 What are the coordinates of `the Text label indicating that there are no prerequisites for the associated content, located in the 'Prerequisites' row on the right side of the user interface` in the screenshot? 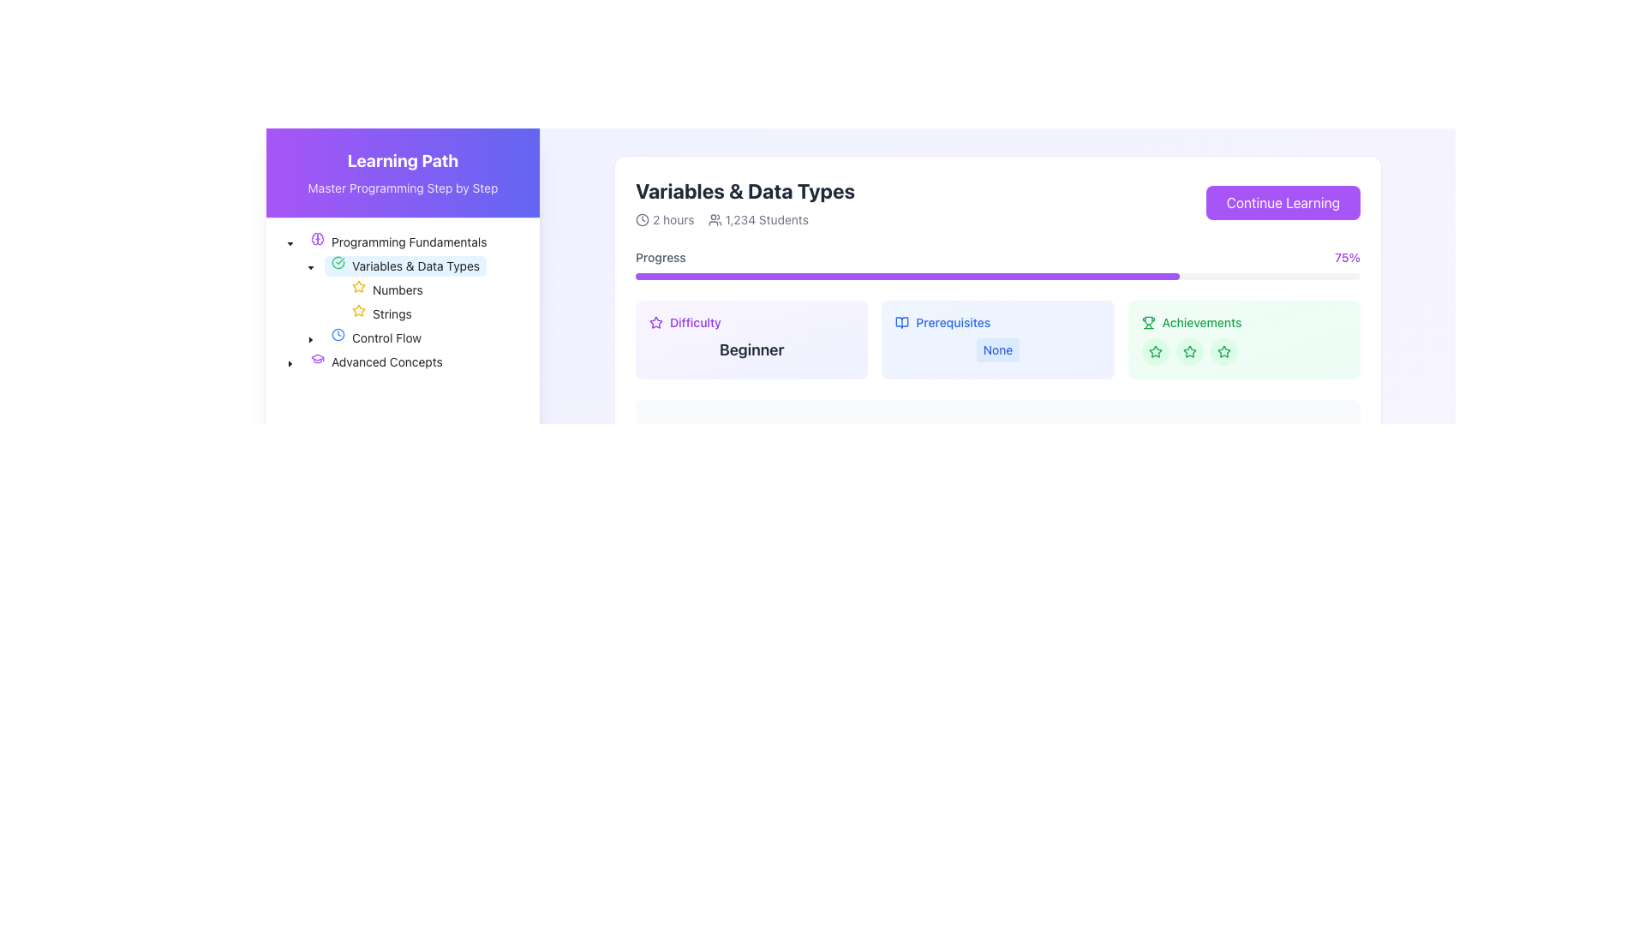 It's located at (998, 349).